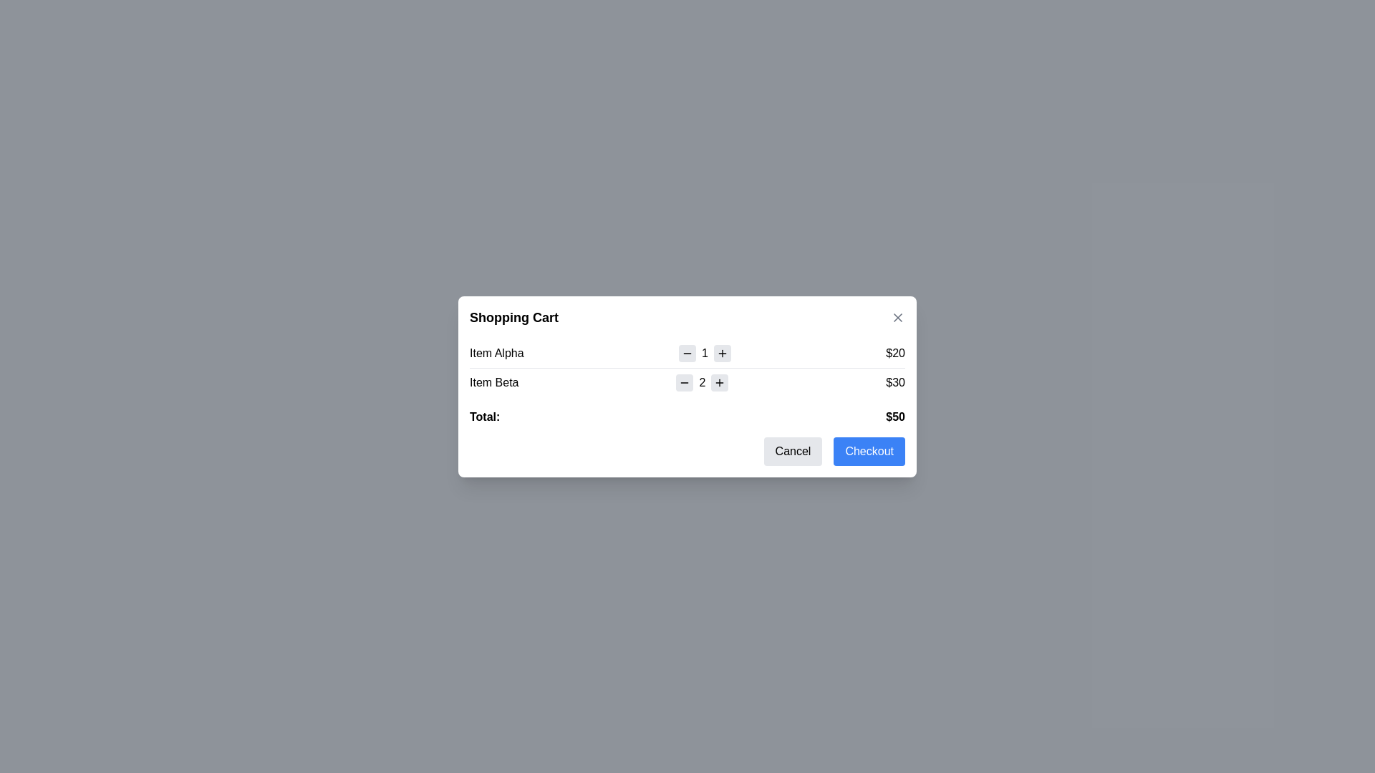 The image size is (1375, 773). I want to click on the quantity controls of the shopping cart items list located beneath the 'Shopping Cart' title and above the 'Total:' section, so click(687, 366).